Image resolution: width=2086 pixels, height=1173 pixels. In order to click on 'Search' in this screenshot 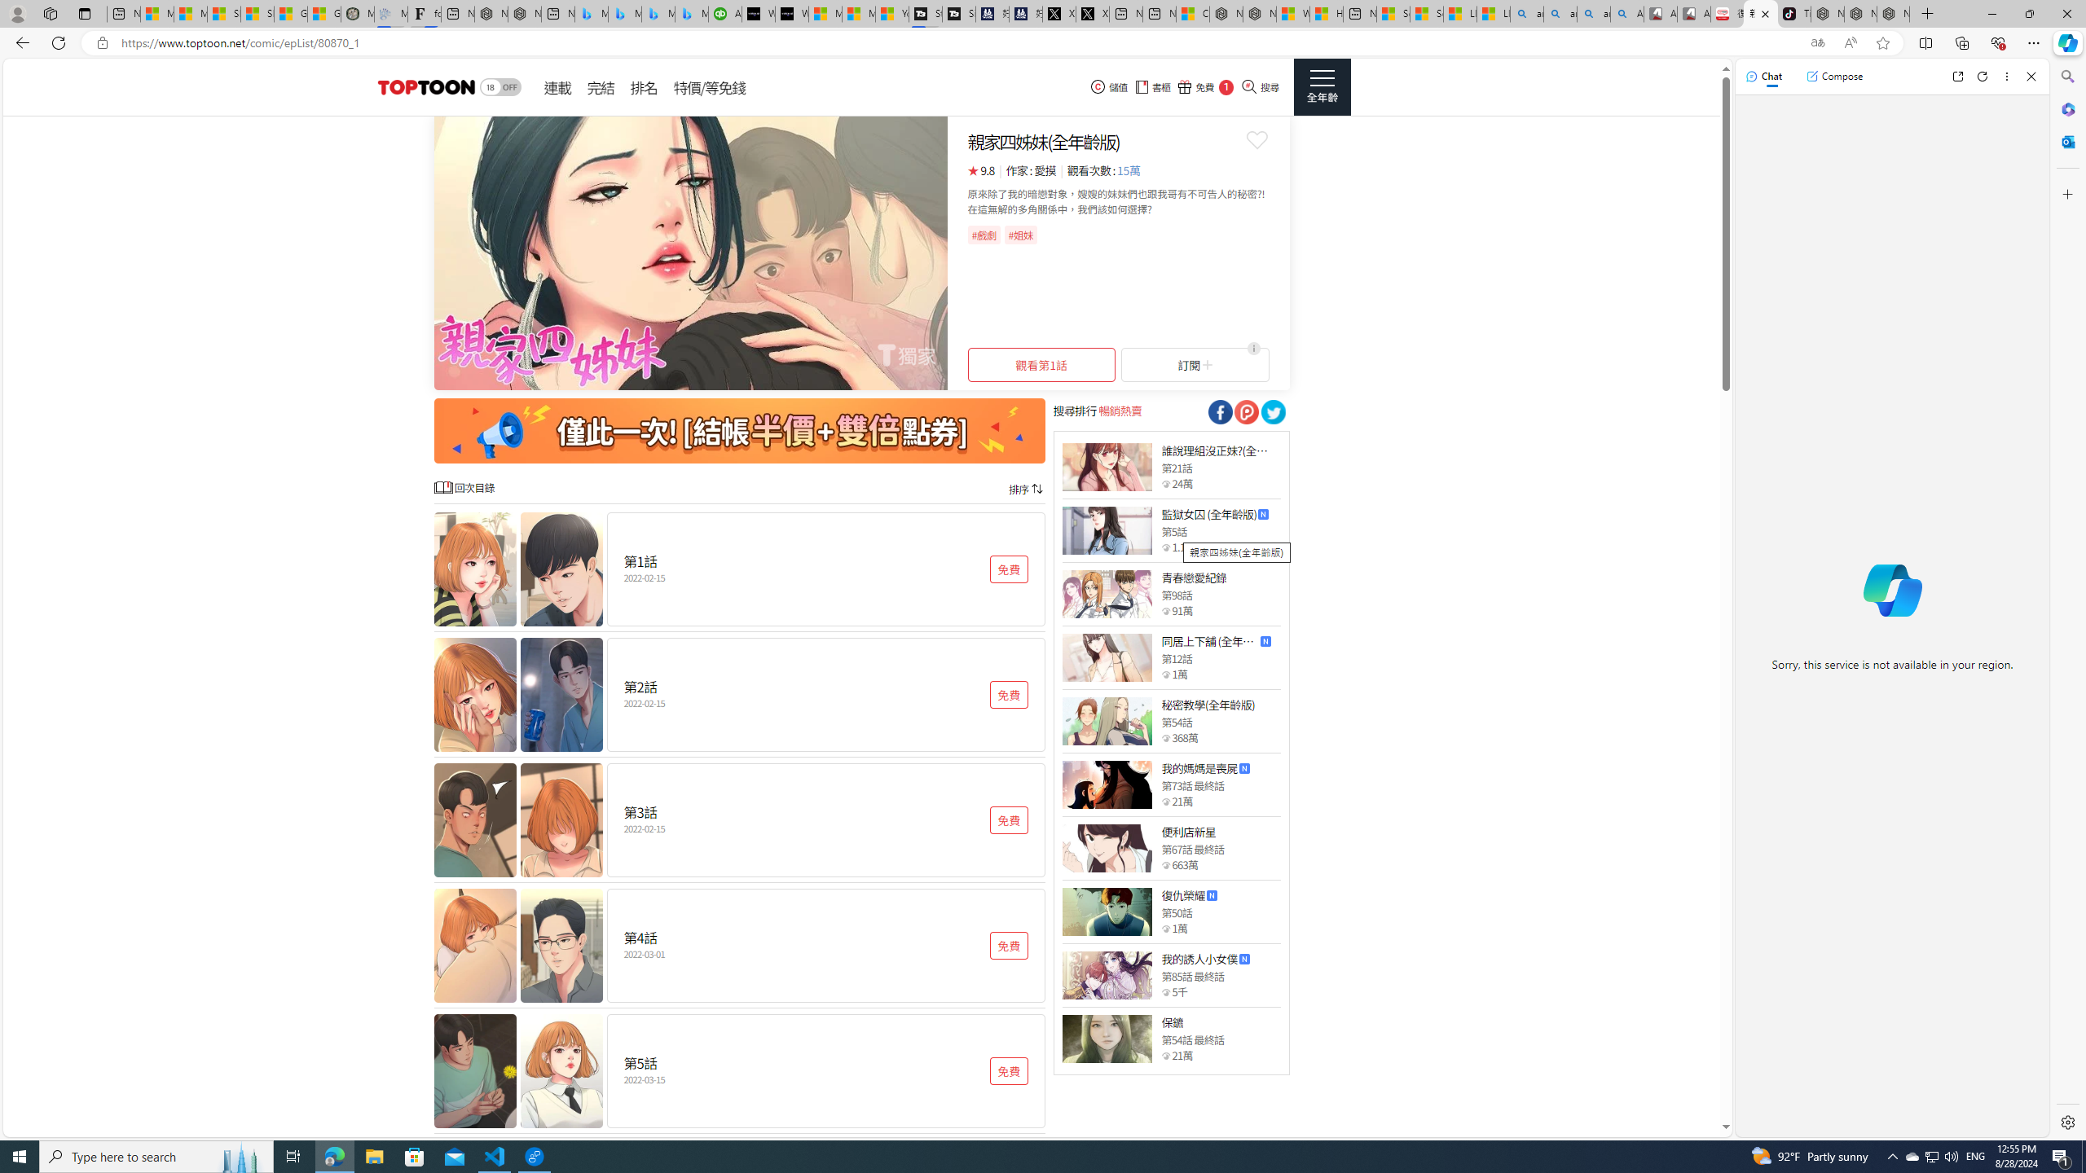, I will do `click(2066, 76)`.